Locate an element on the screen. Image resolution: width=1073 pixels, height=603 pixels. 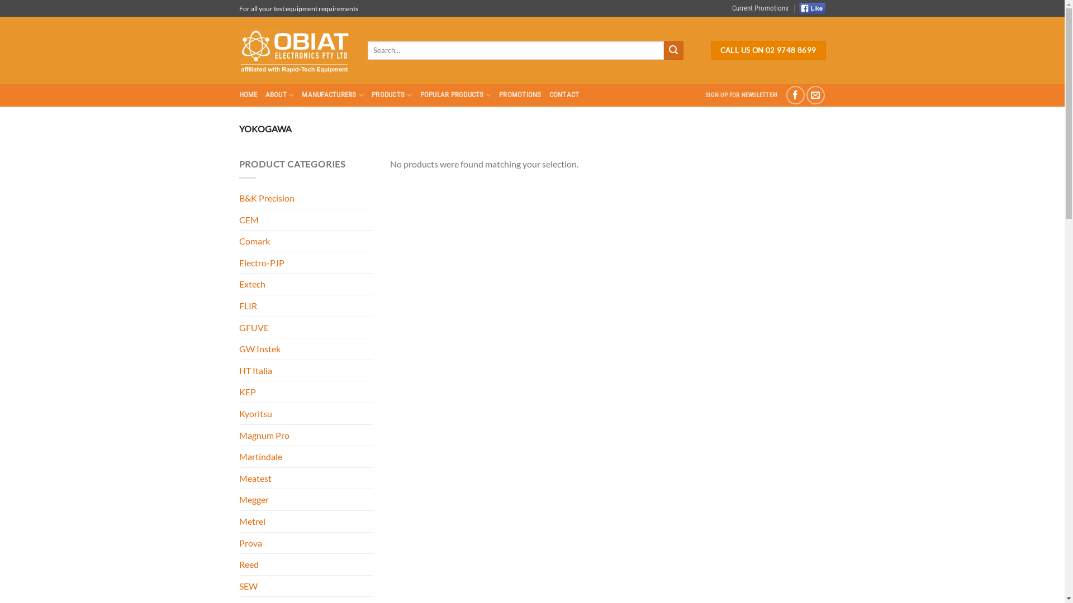
'B&K Precision' is located at coordinates (238, 197).